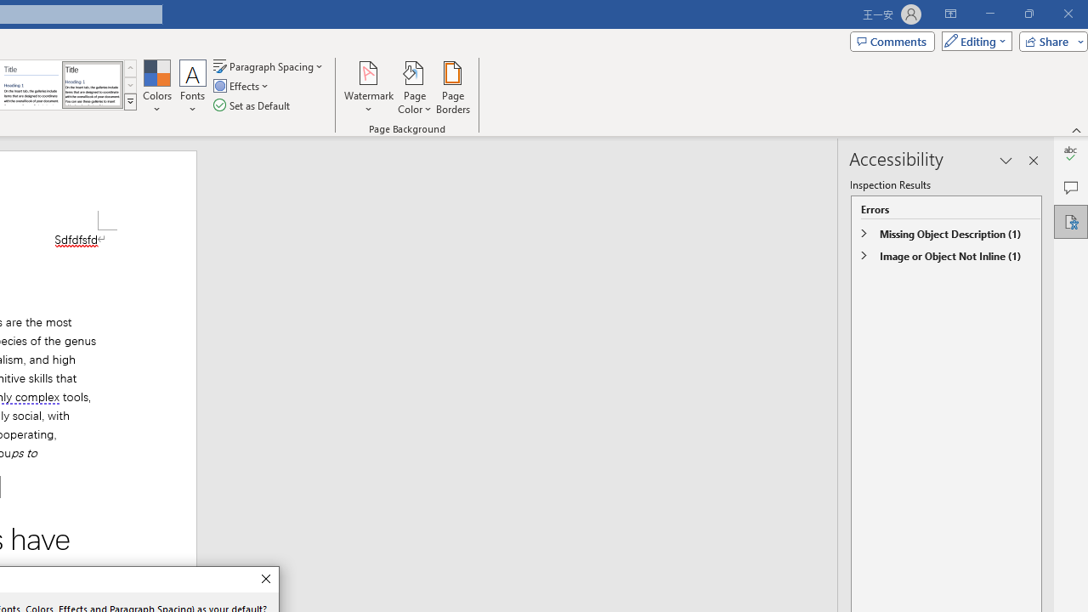 The width and height of the screenshot is (1088, 612). Describe the element at coordinates (415, 88) in the screenshot. I see `'Page Color'` at that location.